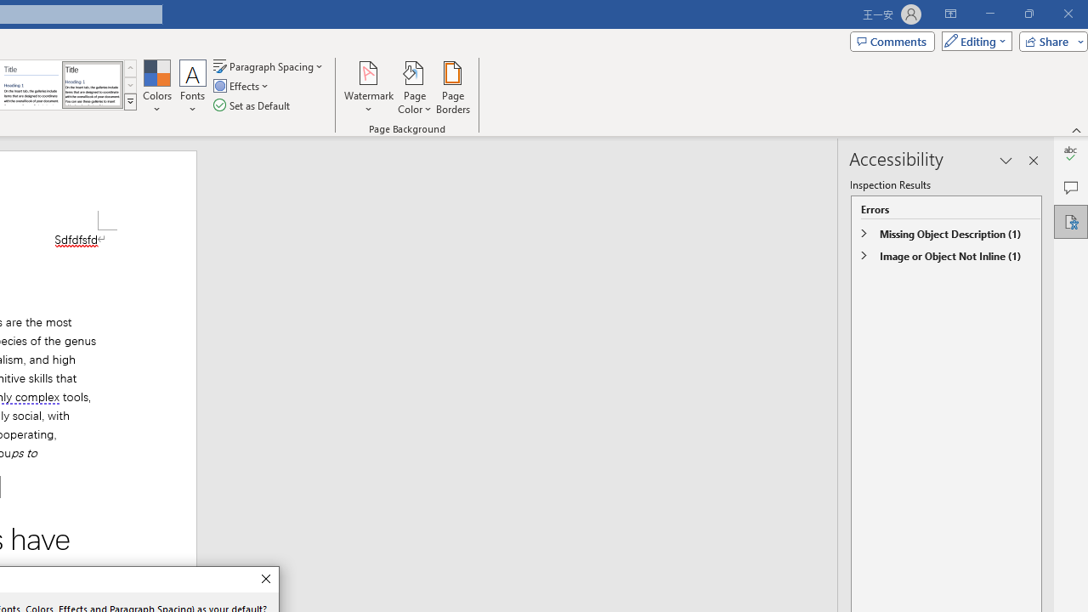 The width and height of the screenshot is (1088, 612). Describe the element at coordinates (415, 88) in the screenshot. I see `'Page Color'` at that location.